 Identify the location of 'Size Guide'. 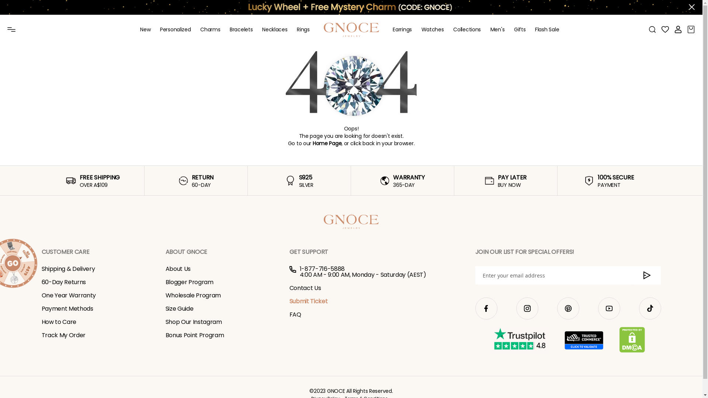
(179, 308).